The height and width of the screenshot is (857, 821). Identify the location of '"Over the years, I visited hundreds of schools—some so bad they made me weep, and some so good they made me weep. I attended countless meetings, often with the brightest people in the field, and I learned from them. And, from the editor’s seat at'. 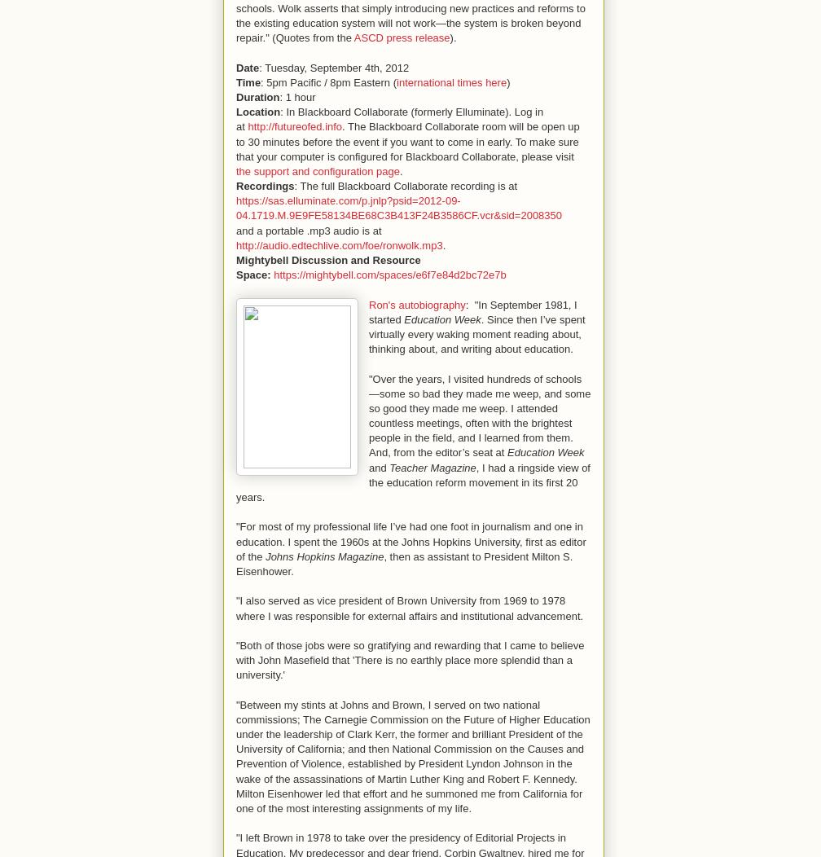
(479, 415).